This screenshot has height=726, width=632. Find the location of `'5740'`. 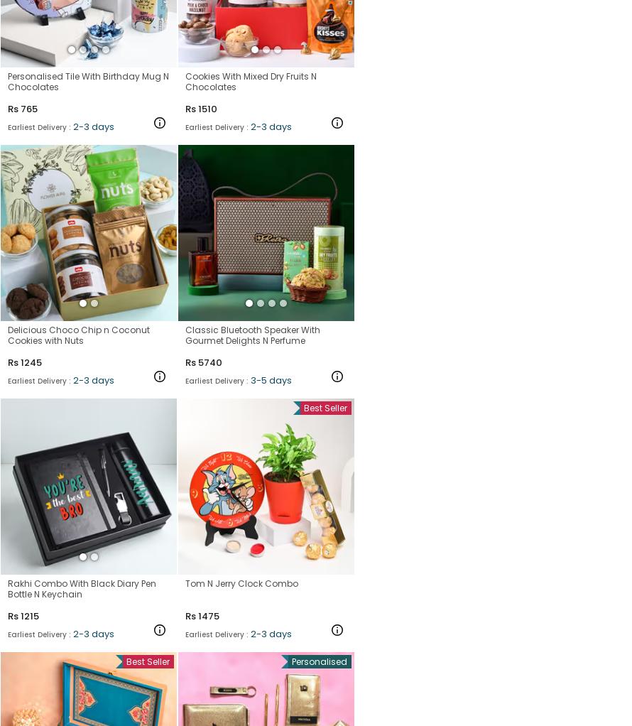

'5740' is located at coordinates (197, 362).